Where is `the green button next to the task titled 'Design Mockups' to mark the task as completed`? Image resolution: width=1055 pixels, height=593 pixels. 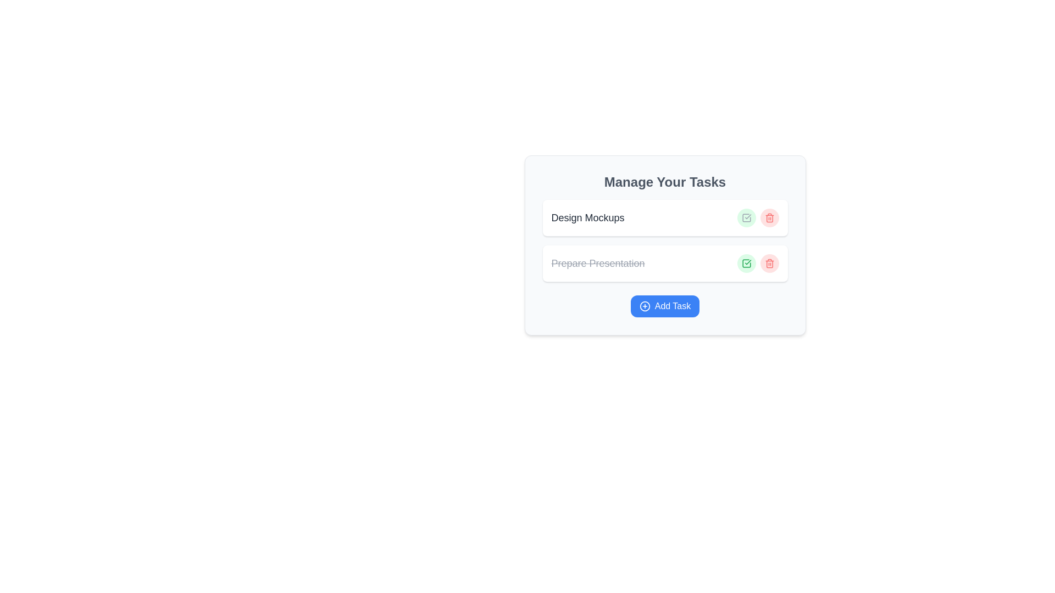 the green button next to the task titled 'Design Mockups' to mark the task as completed is located at coordinates (757, 218).